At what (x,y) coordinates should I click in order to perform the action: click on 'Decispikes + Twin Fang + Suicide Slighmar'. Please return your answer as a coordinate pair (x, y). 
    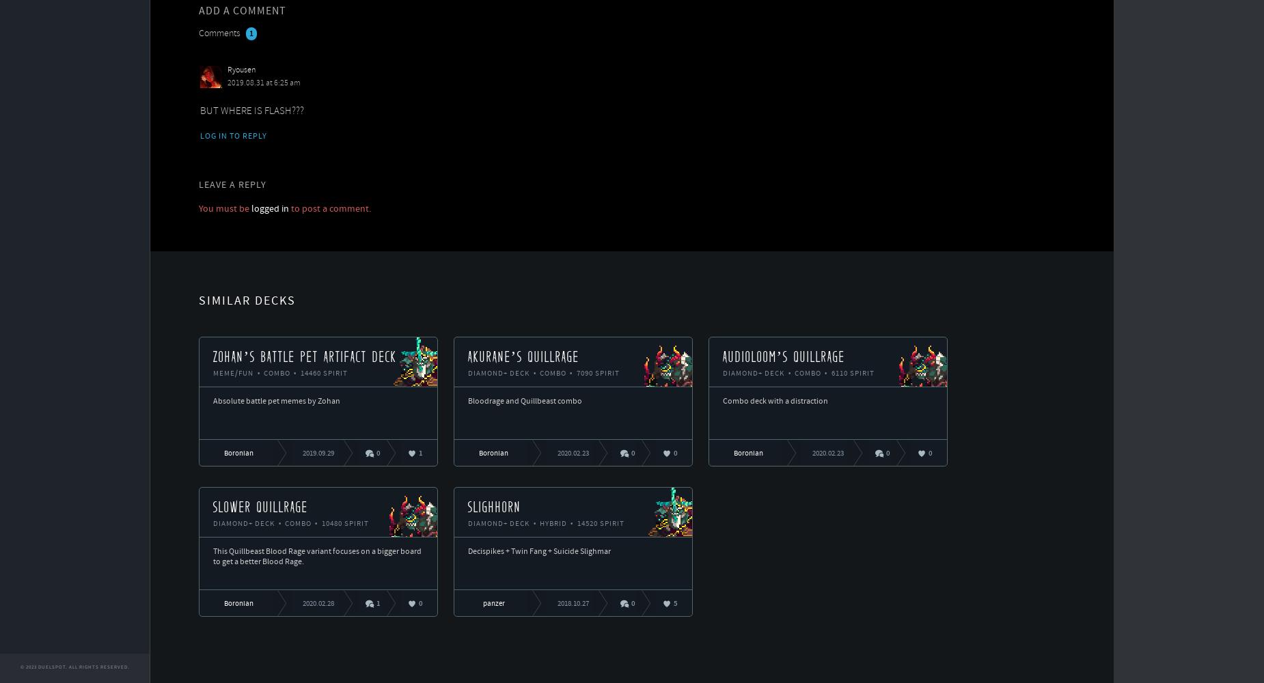
    Looking at the image, I should click on (538, 551).